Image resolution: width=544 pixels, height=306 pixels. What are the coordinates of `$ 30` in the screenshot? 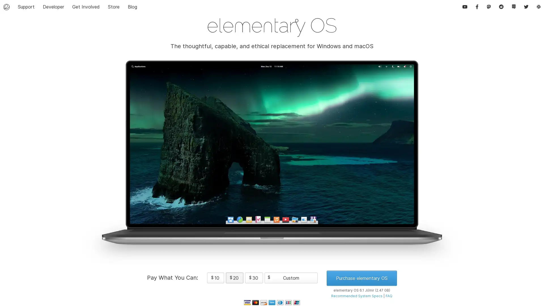 It's located at (254, 277).